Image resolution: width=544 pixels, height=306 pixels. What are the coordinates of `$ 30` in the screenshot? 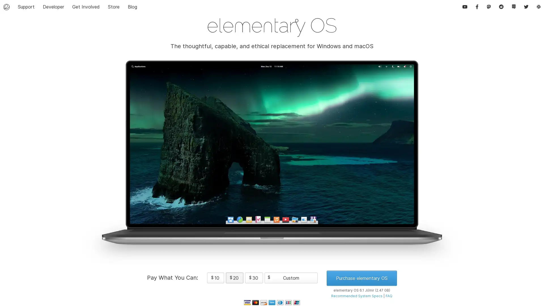 It's located at (254, 277).